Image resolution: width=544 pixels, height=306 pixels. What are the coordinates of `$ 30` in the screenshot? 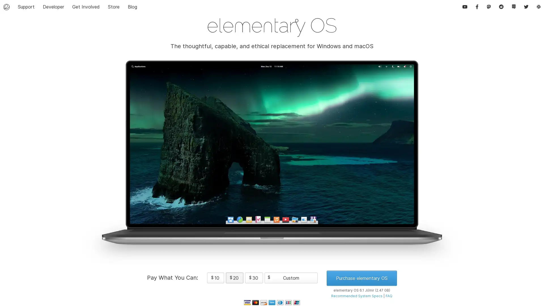 It's located at (254, 277).